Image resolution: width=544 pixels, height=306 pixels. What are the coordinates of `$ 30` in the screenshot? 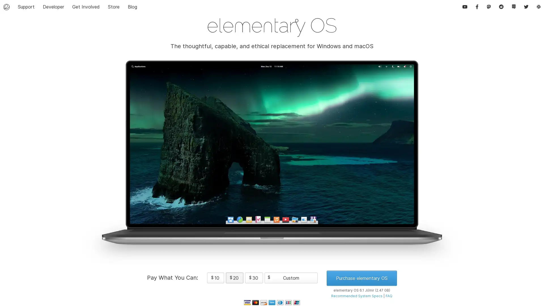 It's located at (254, 277).